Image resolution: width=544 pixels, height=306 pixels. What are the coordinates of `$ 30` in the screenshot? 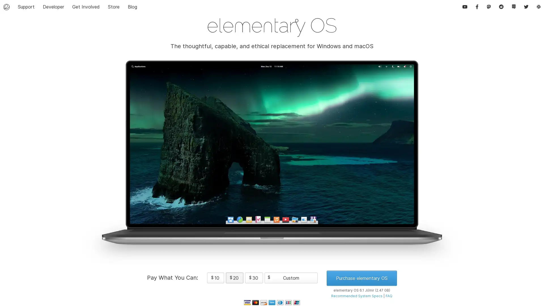 It's located at (254, 277).